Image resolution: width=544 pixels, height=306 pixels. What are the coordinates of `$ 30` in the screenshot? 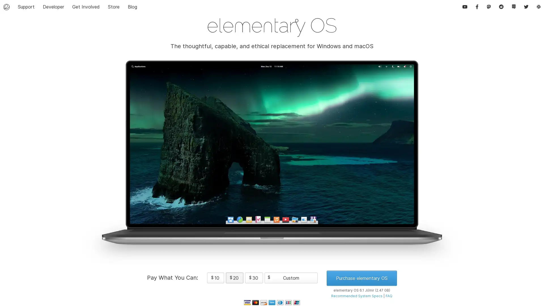 It's located at (254, 277).